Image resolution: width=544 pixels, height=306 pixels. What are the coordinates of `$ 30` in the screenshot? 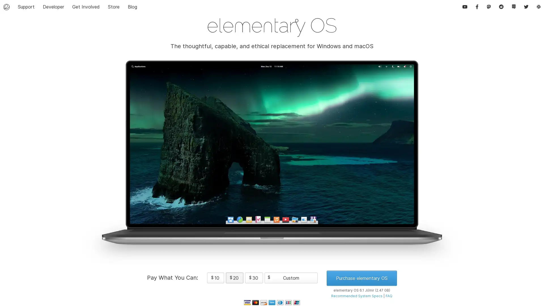 It's located at (254, 277).